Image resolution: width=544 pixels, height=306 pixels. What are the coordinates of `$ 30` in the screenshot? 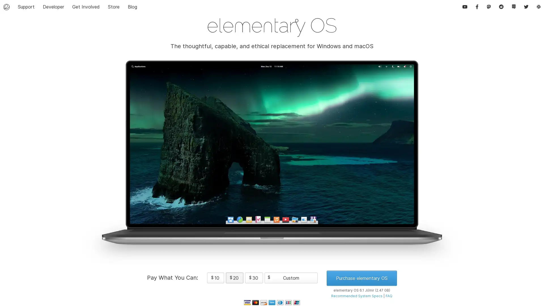 It's located at (254, 277).